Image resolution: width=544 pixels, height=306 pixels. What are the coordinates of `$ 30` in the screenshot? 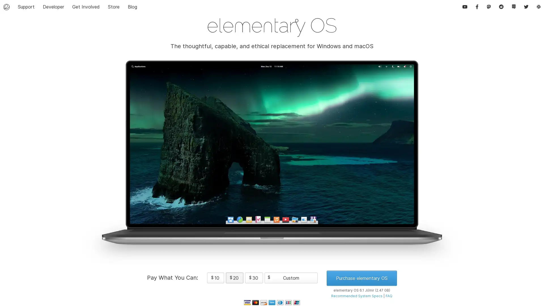 It's located at (254, 277).